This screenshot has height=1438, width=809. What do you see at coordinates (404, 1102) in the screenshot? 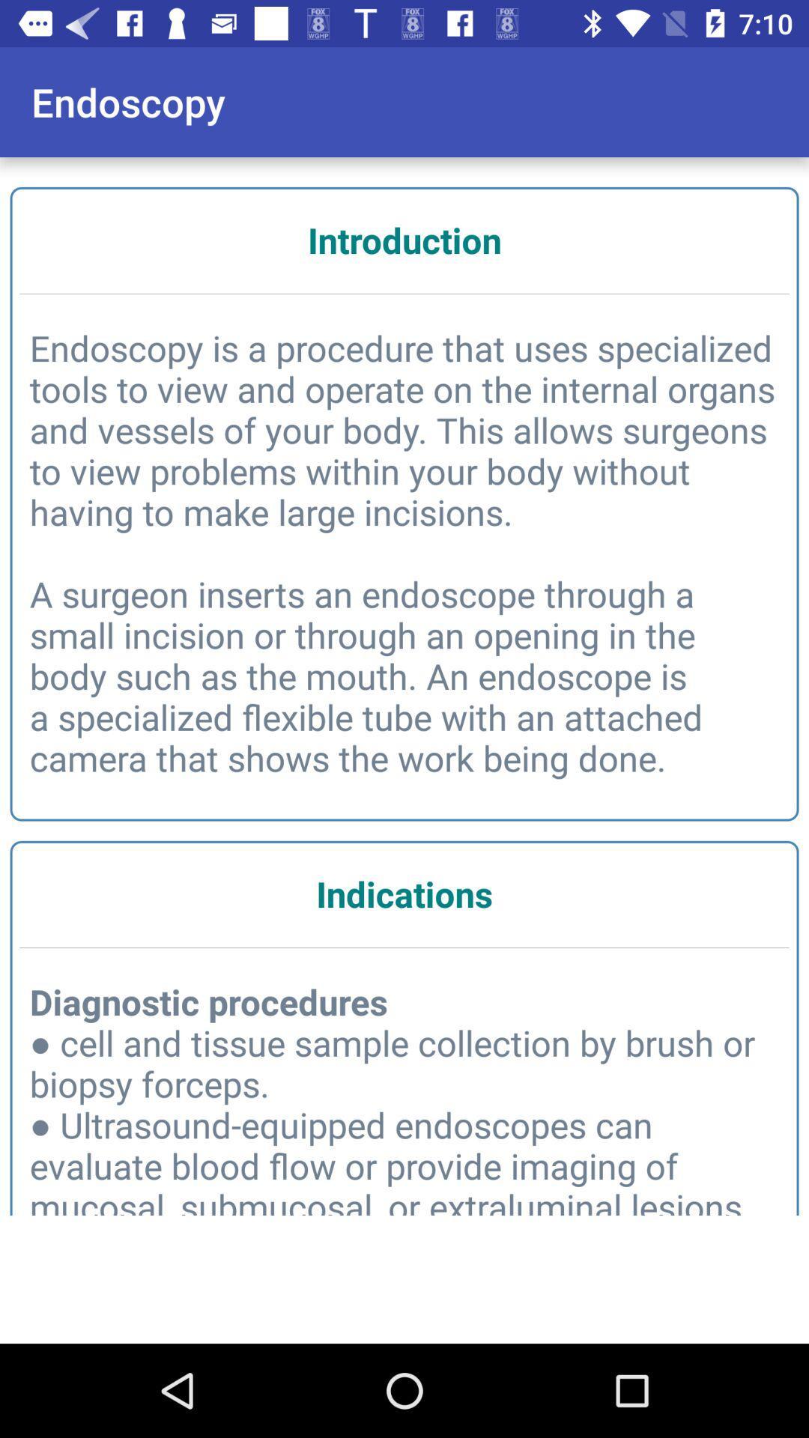
I see `diagnostic procedures cell` at bounding box center [404, 1102].